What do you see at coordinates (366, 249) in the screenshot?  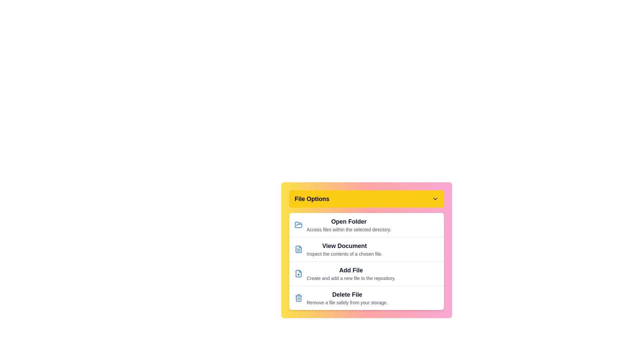 I see `the second selectable menu option` at bounding box center [366, 249].